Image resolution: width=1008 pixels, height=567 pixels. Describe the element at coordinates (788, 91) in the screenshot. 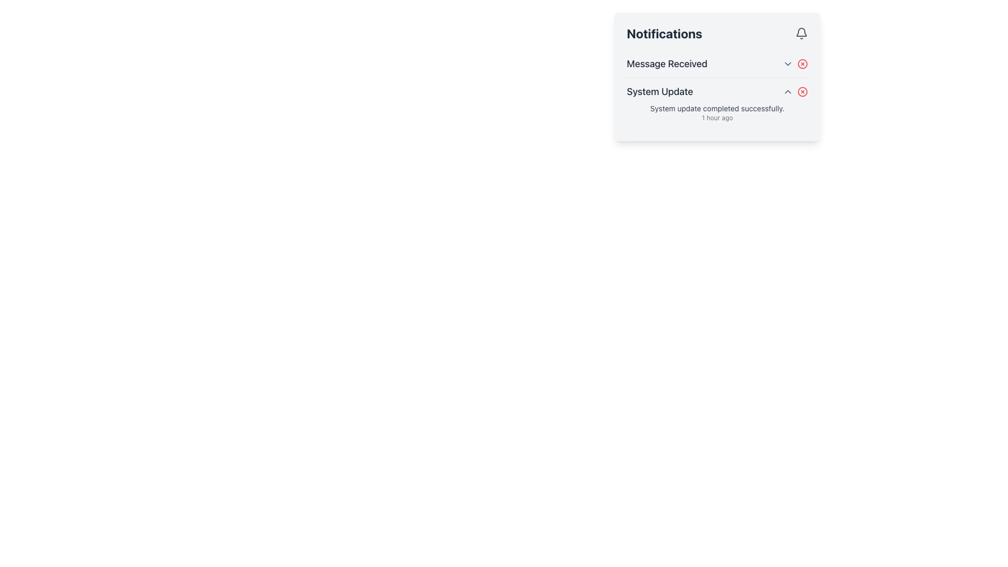

I see `the upward-pointing chevron icon button located in the right upper section of the 'System Update' notification card` at that location.